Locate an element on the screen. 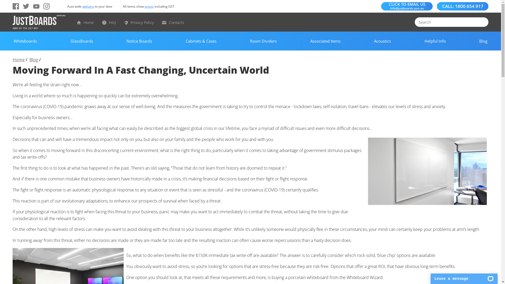 This screenshot has height=284, width=505. 'Contacts' is located at coordinates (176, 22).